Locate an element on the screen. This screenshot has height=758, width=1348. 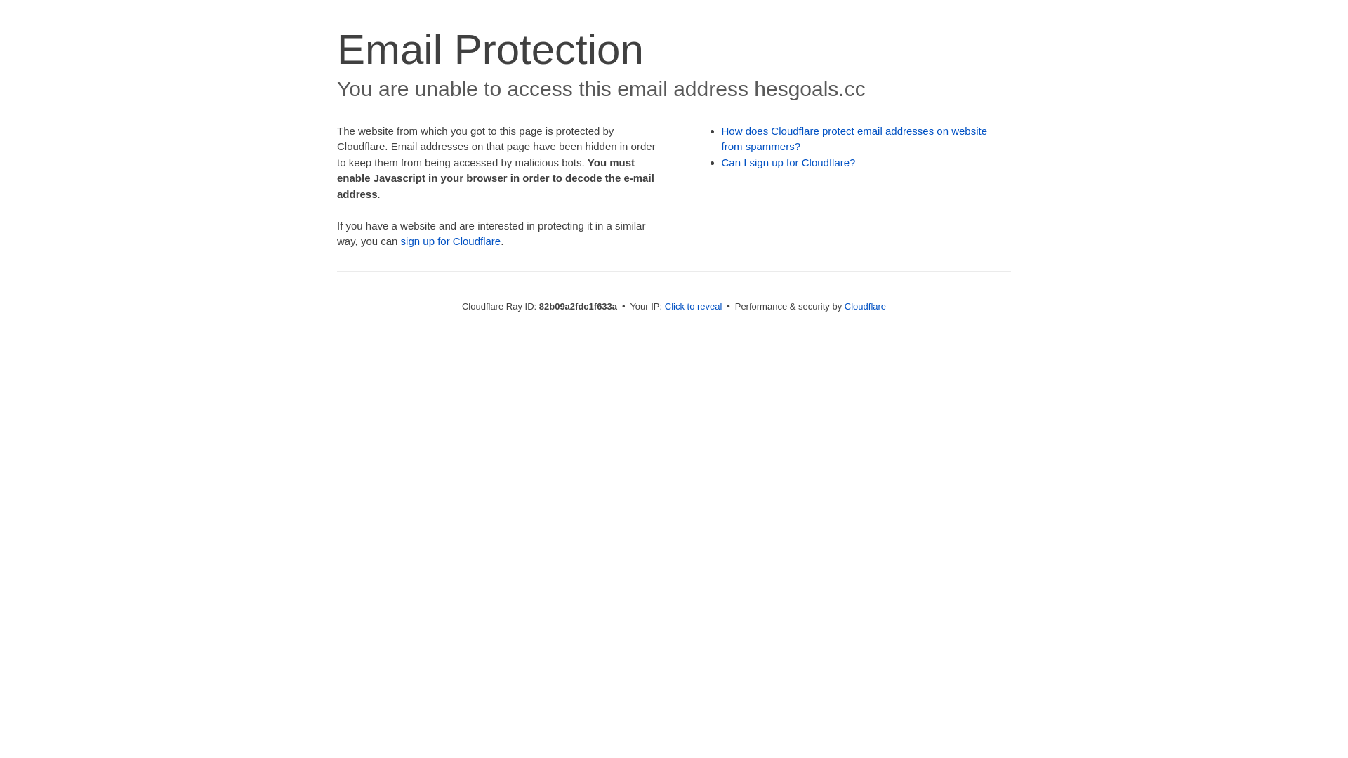
'Click to reveal' is located at coordinates (663, 305).